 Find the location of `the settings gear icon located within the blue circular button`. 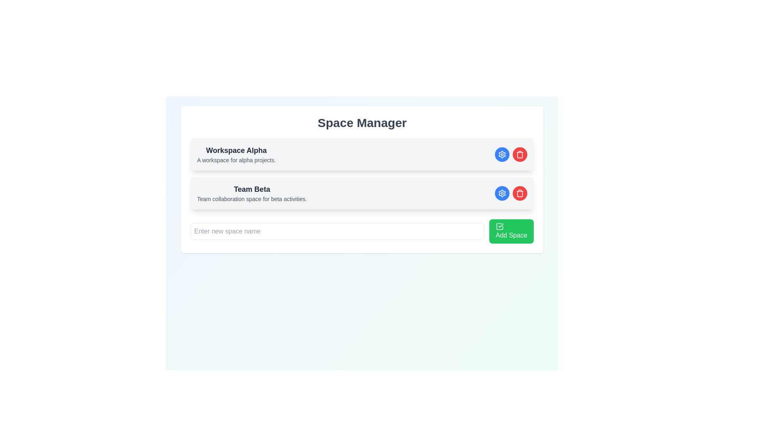

the settings gear icon located within the blue circular button is located at coordinates (502, 154).